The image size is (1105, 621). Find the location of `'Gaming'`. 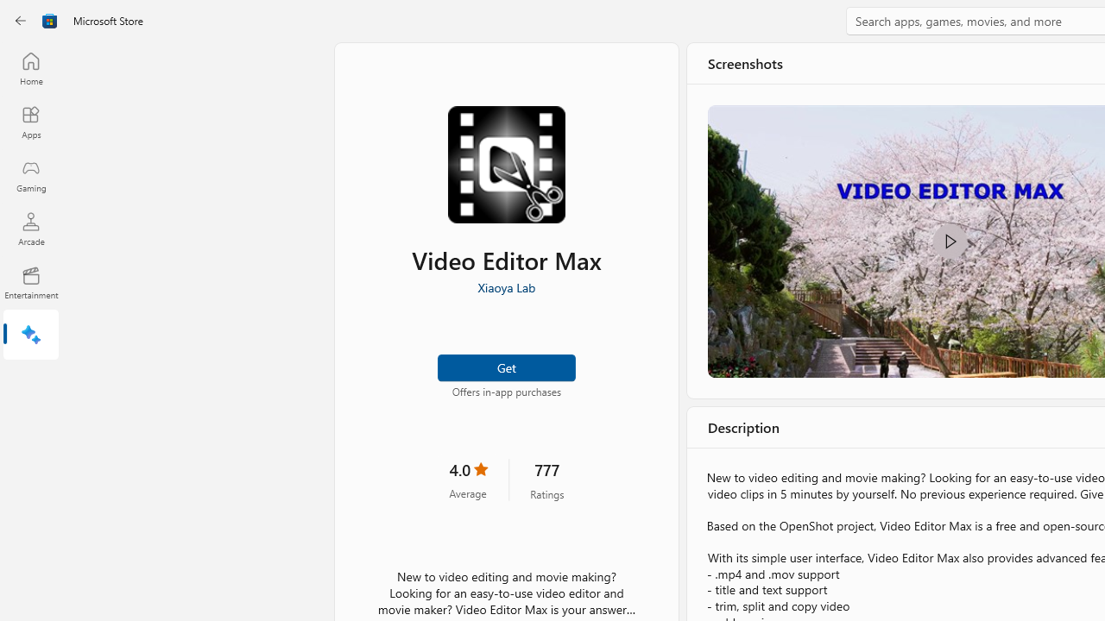

'Gaming' is located at coordinates (30, 175).